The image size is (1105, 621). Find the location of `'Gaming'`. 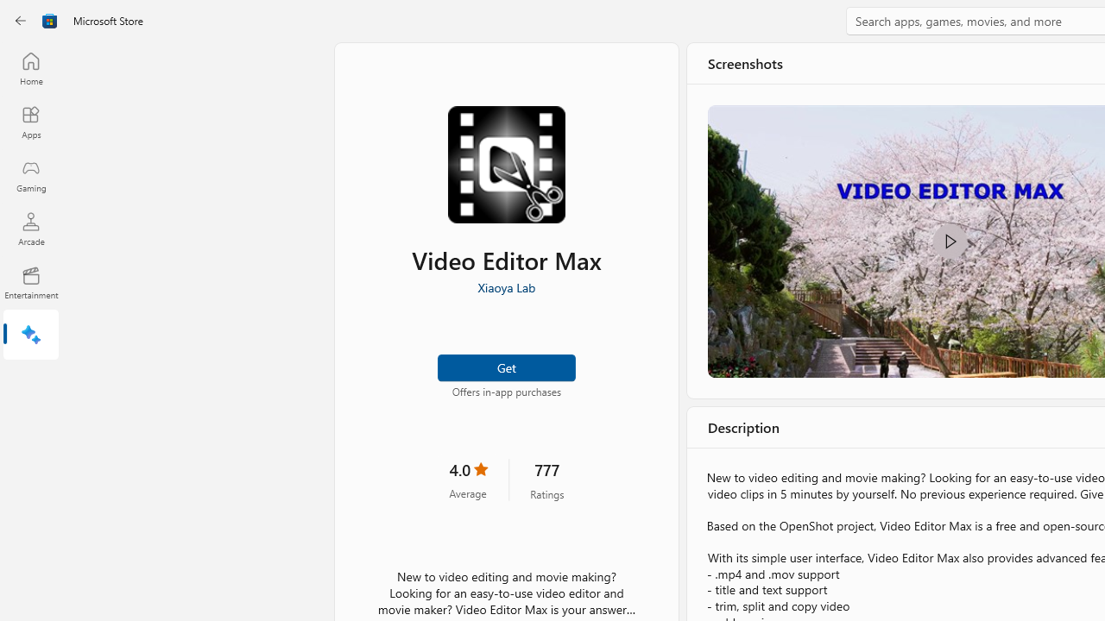

'Gaming' is located at coordinates (30, 175).